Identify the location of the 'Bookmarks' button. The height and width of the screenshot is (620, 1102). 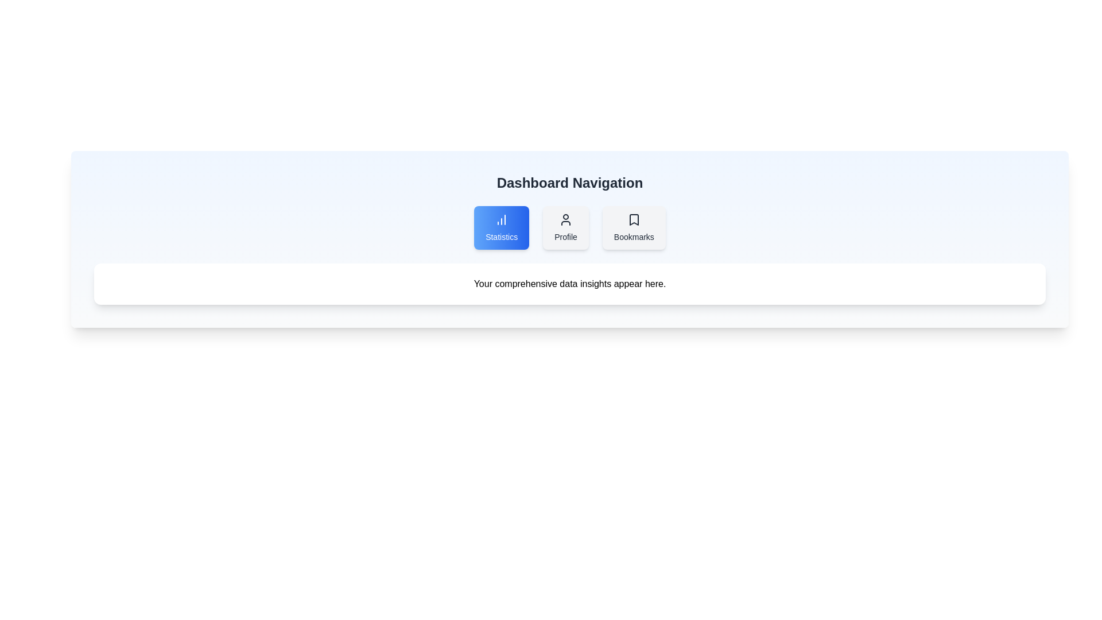
(633, 219).